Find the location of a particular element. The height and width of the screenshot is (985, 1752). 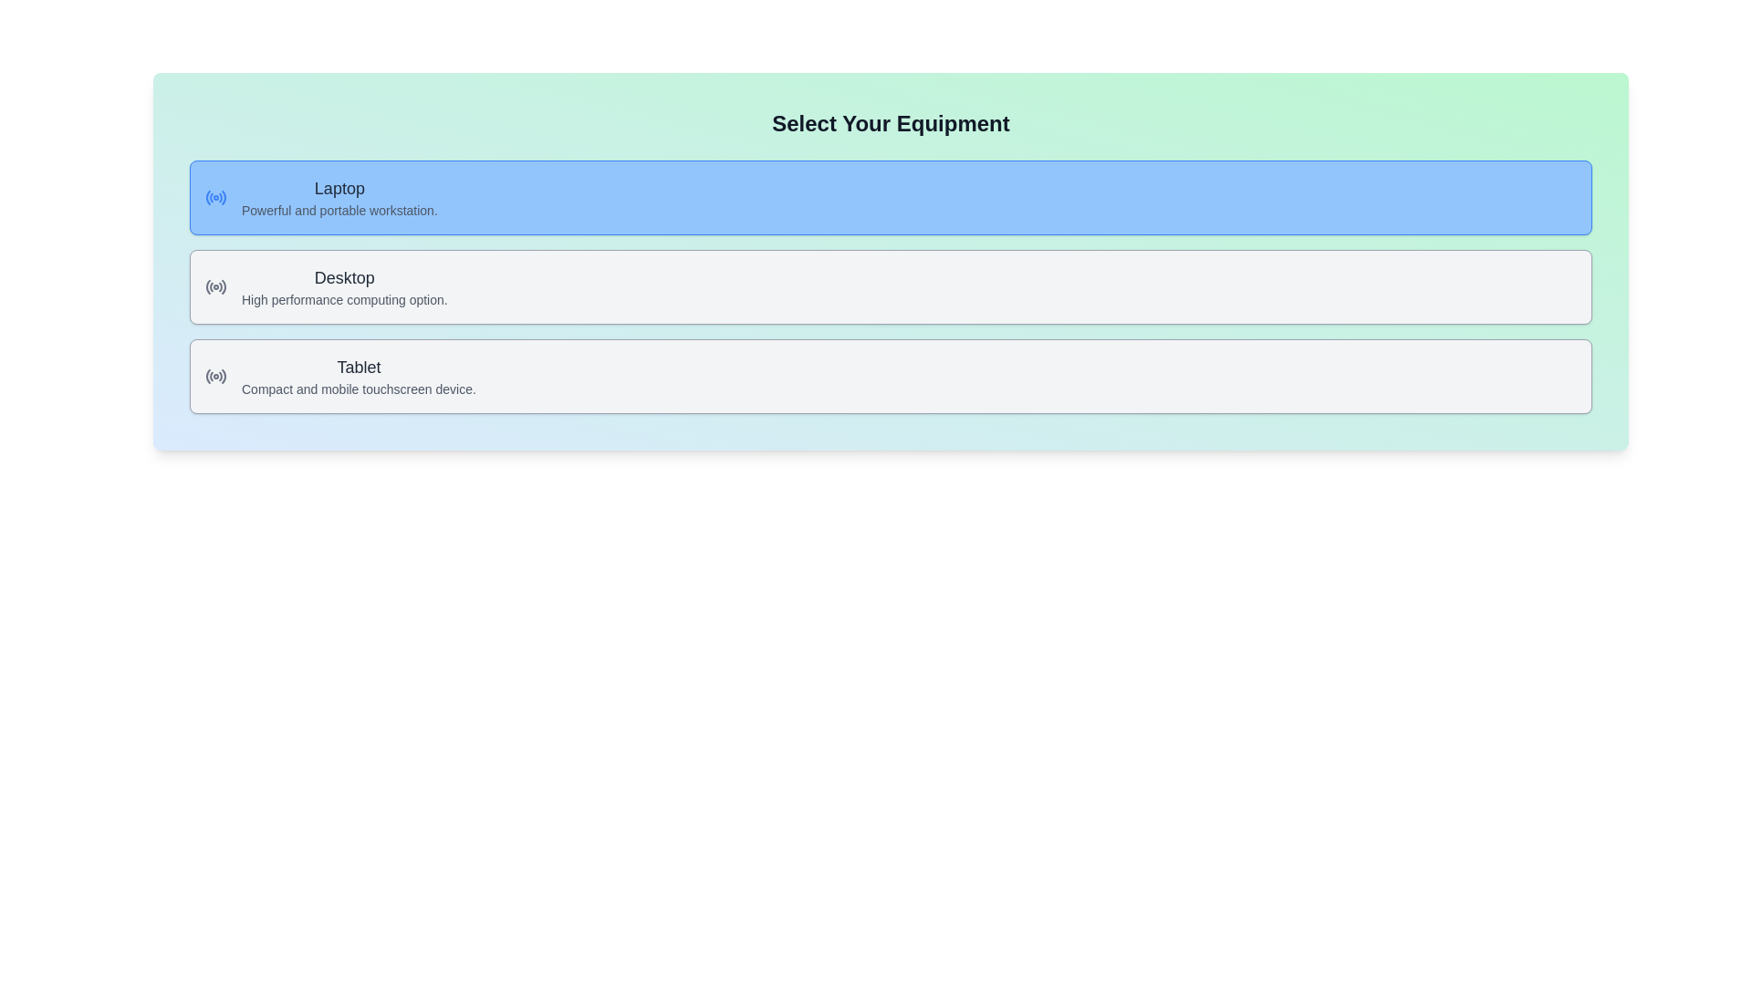

heading text 'Select Your Equipment' which is styled in bold, large size, and black color, located at the top center of the card-like section is located at coordinates (891, 123).